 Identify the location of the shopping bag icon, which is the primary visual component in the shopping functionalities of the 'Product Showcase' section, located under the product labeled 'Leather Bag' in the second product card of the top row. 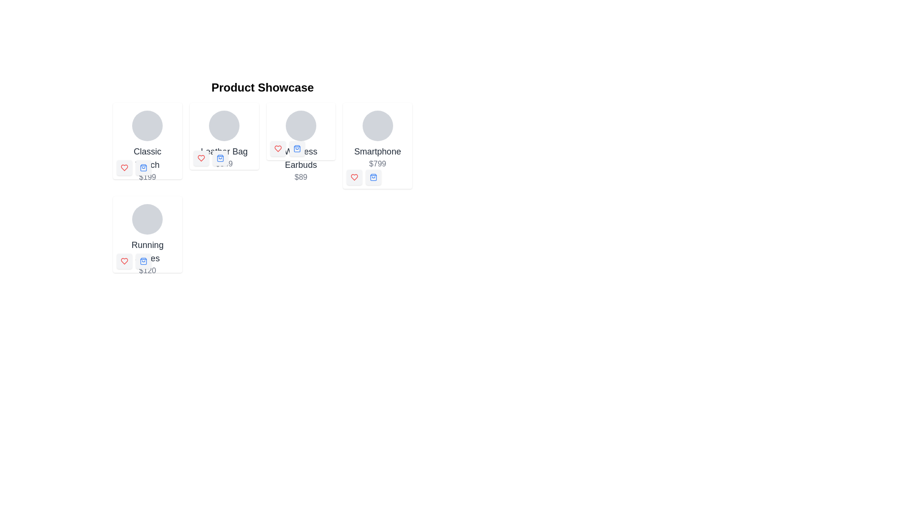
(219, 157).